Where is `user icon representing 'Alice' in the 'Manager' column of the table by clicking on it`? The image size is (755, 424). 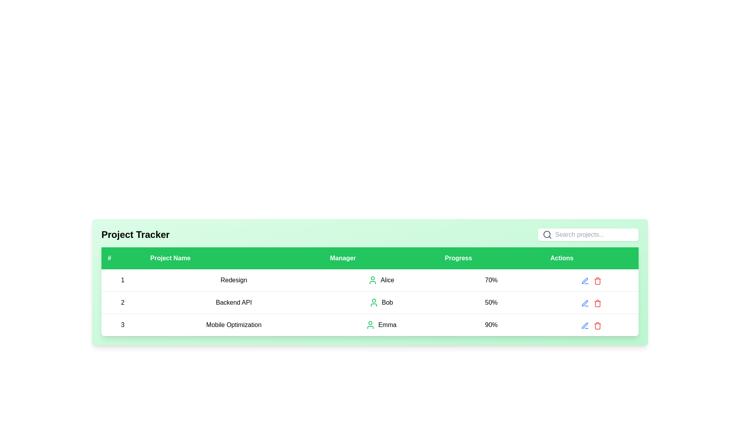 user icon representing 'Alice' in the 'Manager' column of the table by clicking on it is located at coordinates (372, 280).